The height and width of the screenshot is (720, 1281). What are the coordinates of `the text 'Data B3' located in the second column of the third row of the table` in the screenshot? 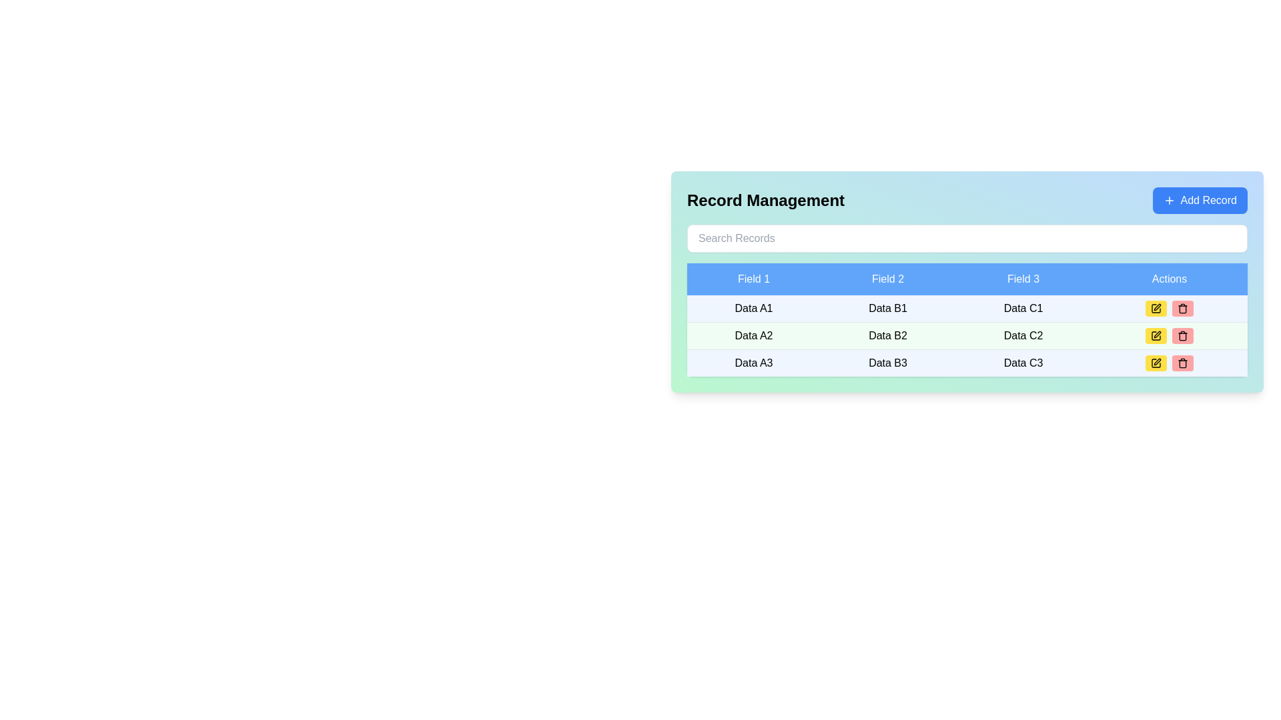 It's located at (887, 362).